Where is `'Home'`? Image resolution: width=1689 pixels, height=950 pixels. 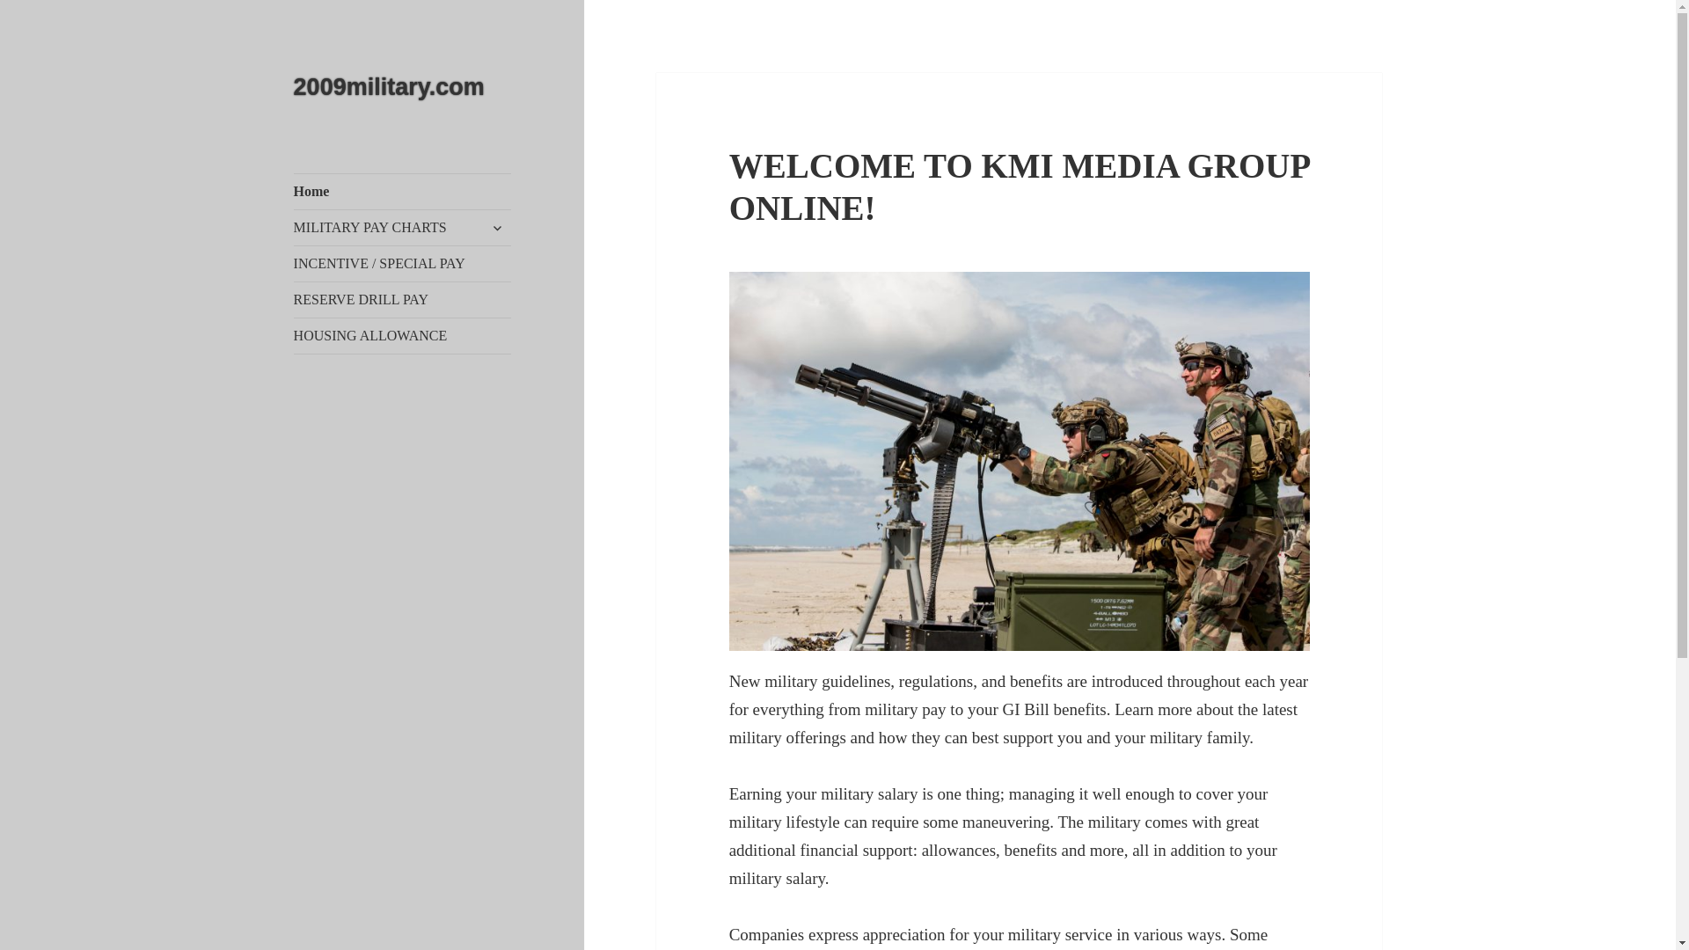 'Home' is located at coordinates (401, 192).